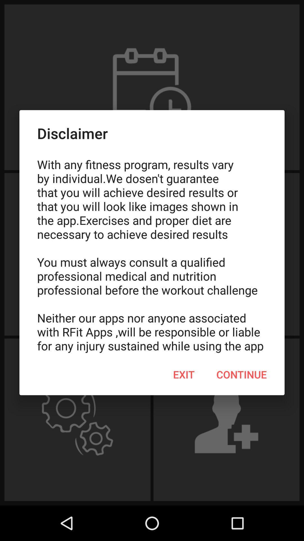 This screenshot has height=541, width=304. Describe the element at coordinates (241, 374) in the screenshot. I see `the continue item` at that location.